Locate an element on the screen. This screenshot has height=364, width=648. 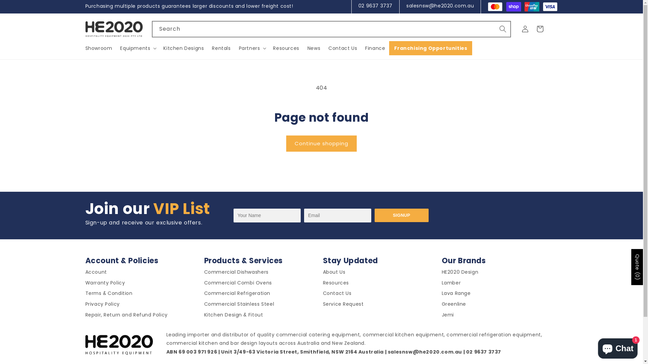
'Privacy Policy' is located at coordinates (102, 305).